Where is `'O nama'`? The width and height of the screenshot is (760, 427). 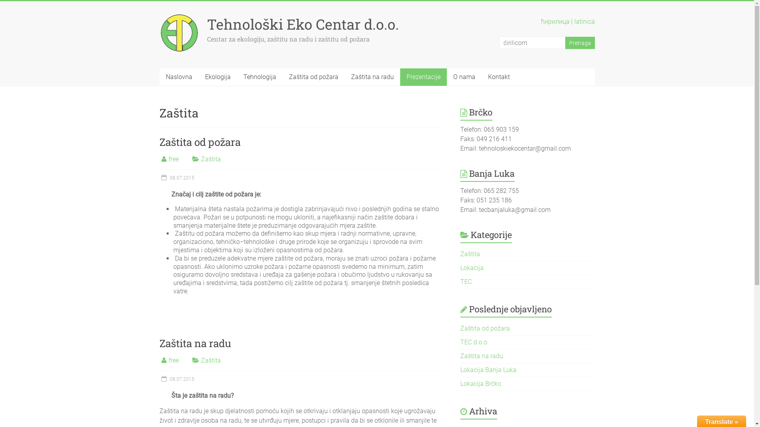 'O nama' is located at coordinates (446, 77).